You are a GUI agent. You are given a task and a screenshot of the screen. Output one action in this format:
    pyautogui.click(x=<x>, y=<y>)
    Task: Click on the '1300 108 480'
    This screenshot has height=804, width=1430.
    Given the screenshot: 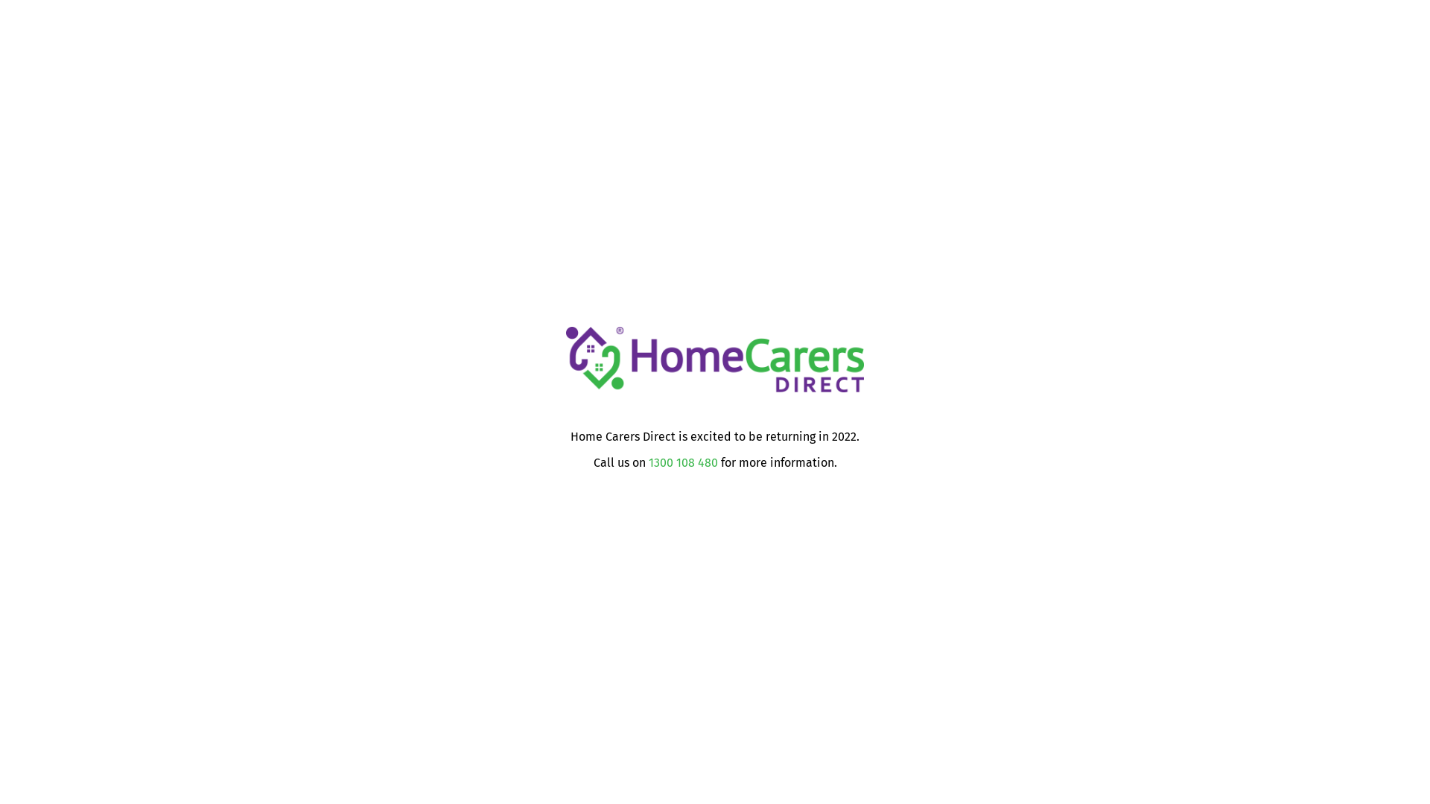 What is the action you would take?
    pyautogui.click(x=647, y=462)
    